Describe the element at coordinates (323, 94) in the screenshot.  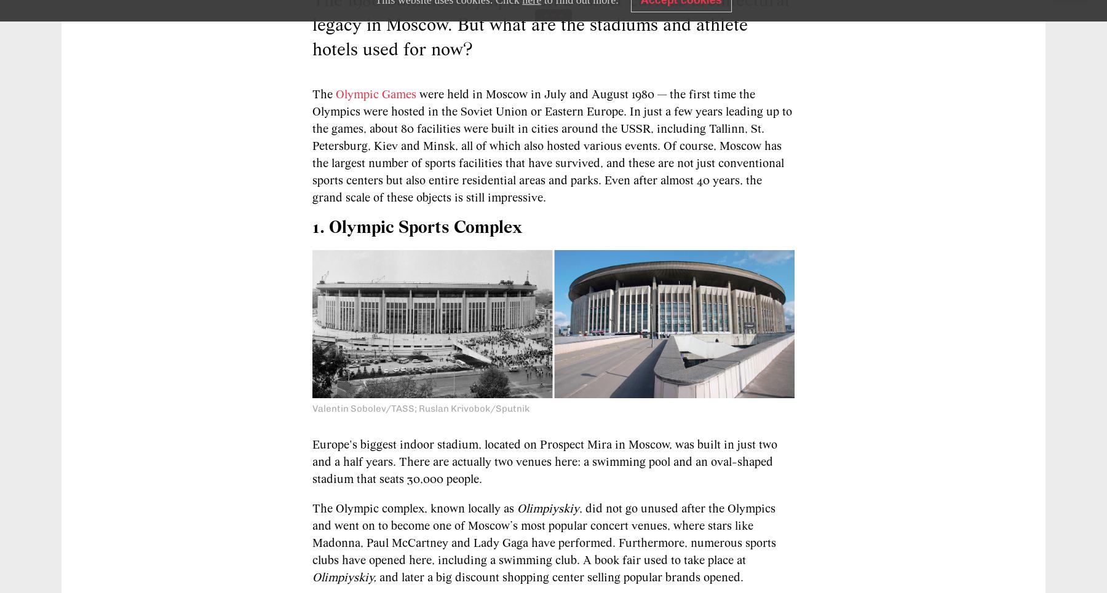
I see `'The'` at that location.